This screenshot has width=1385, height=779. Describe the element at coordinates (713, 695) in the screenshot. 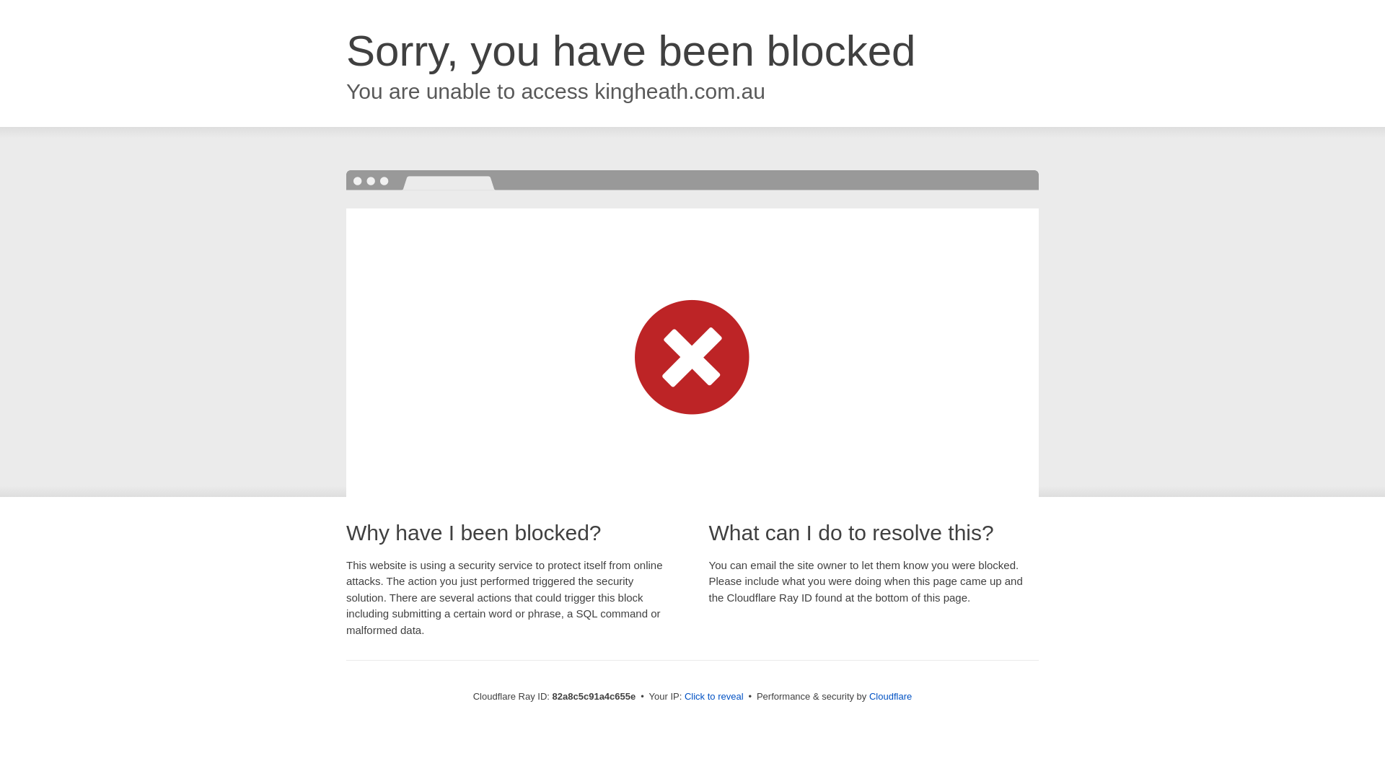

I see `'Click to reveal'` at that location.